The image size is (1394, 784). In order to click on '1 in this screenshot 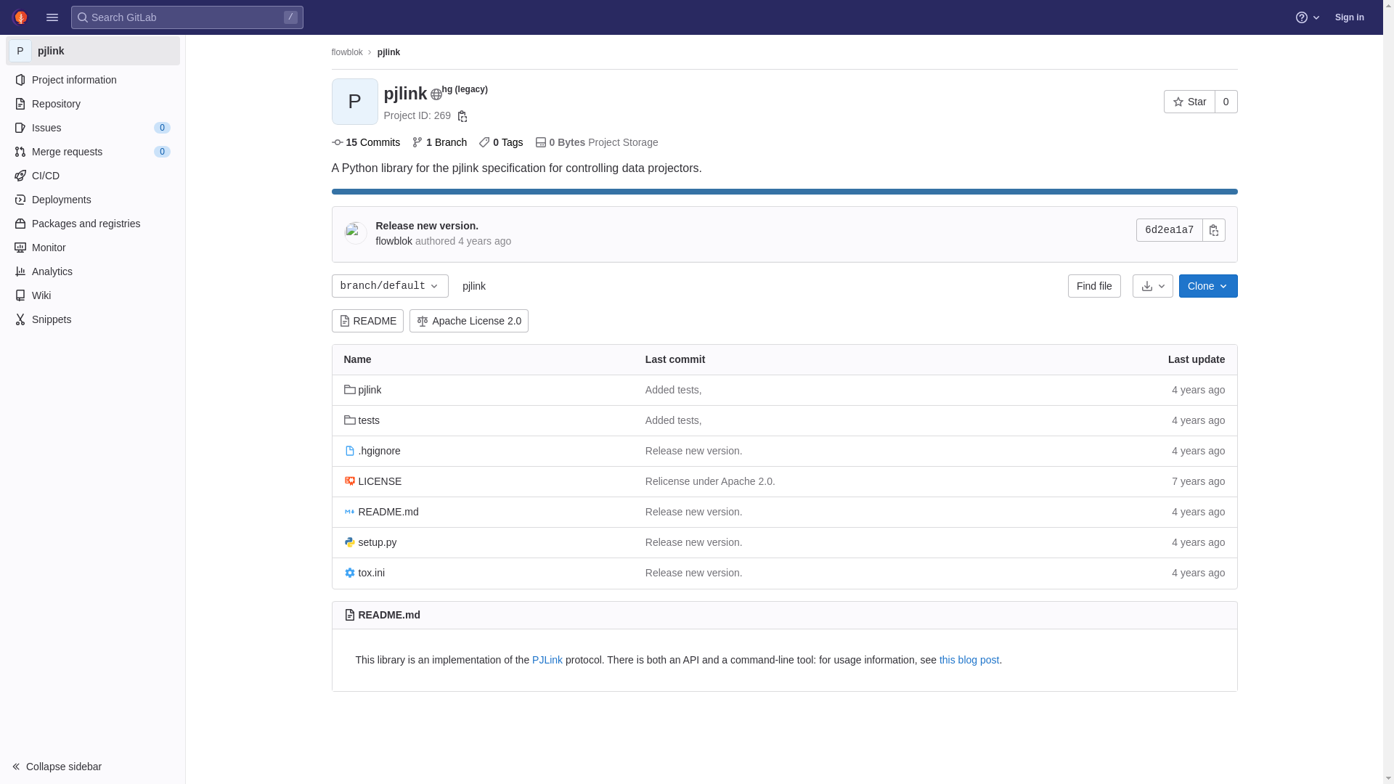, I will do `click(438, 142)`.